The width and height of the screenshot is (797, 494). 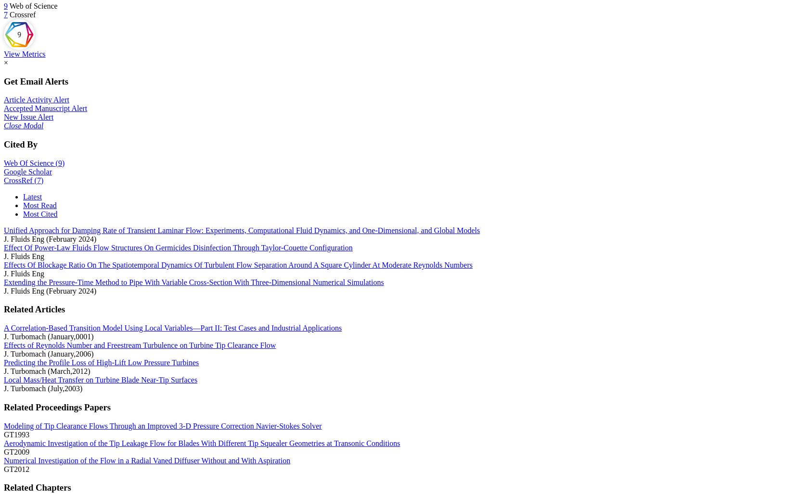 I want to click on '(March,2012)', so click(x=47, y=371).